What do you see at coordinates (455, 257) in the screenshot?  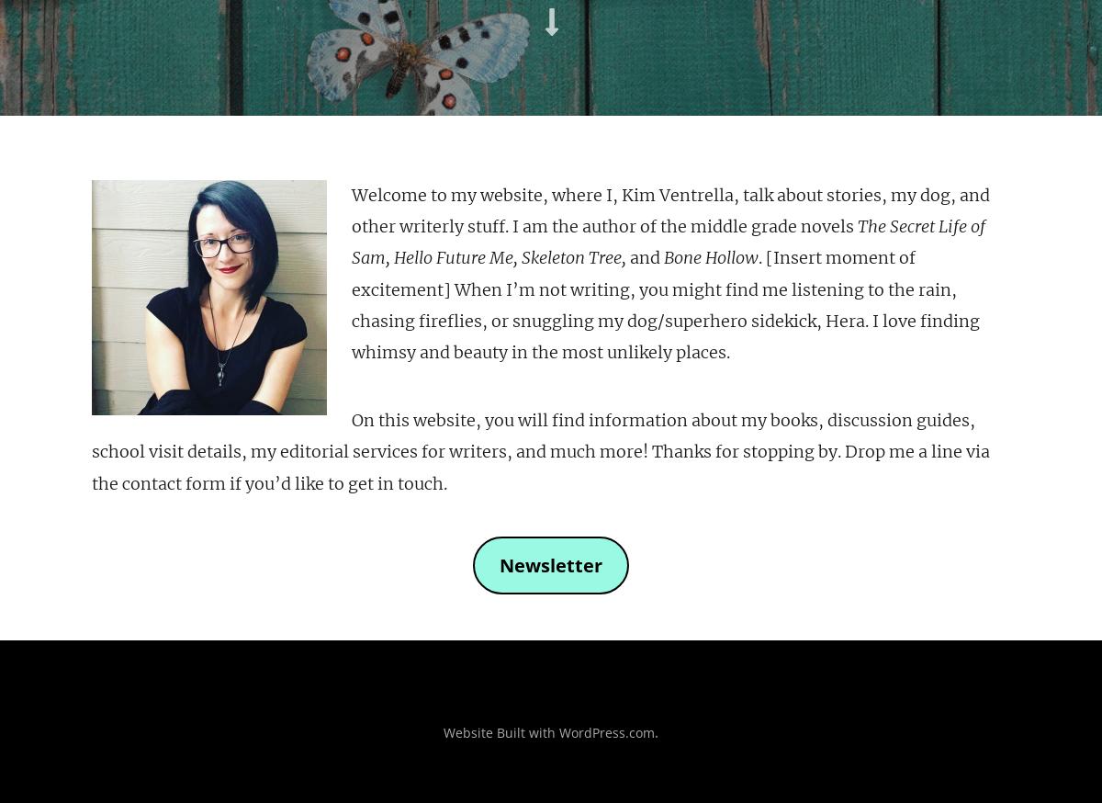 I see `'Hello Future Me,'` at bounding box center [455, 257].